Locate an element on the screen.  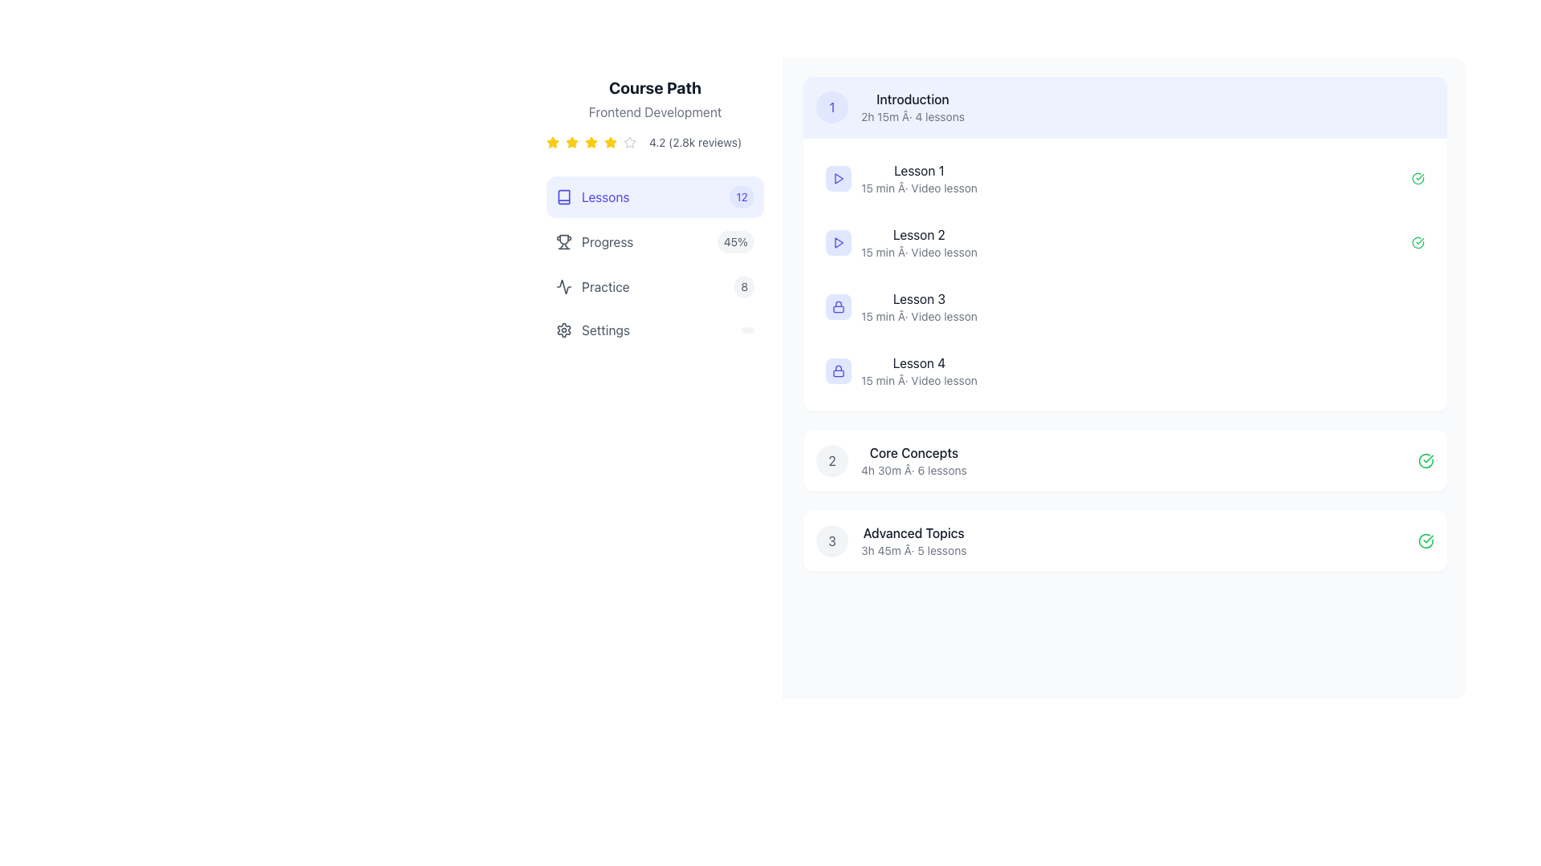
the small rounded rectangular play button with a centered triangular icon, located to the left of 'Lesson 1' in the 'Introduction' section is located at coordinates (838, 179).